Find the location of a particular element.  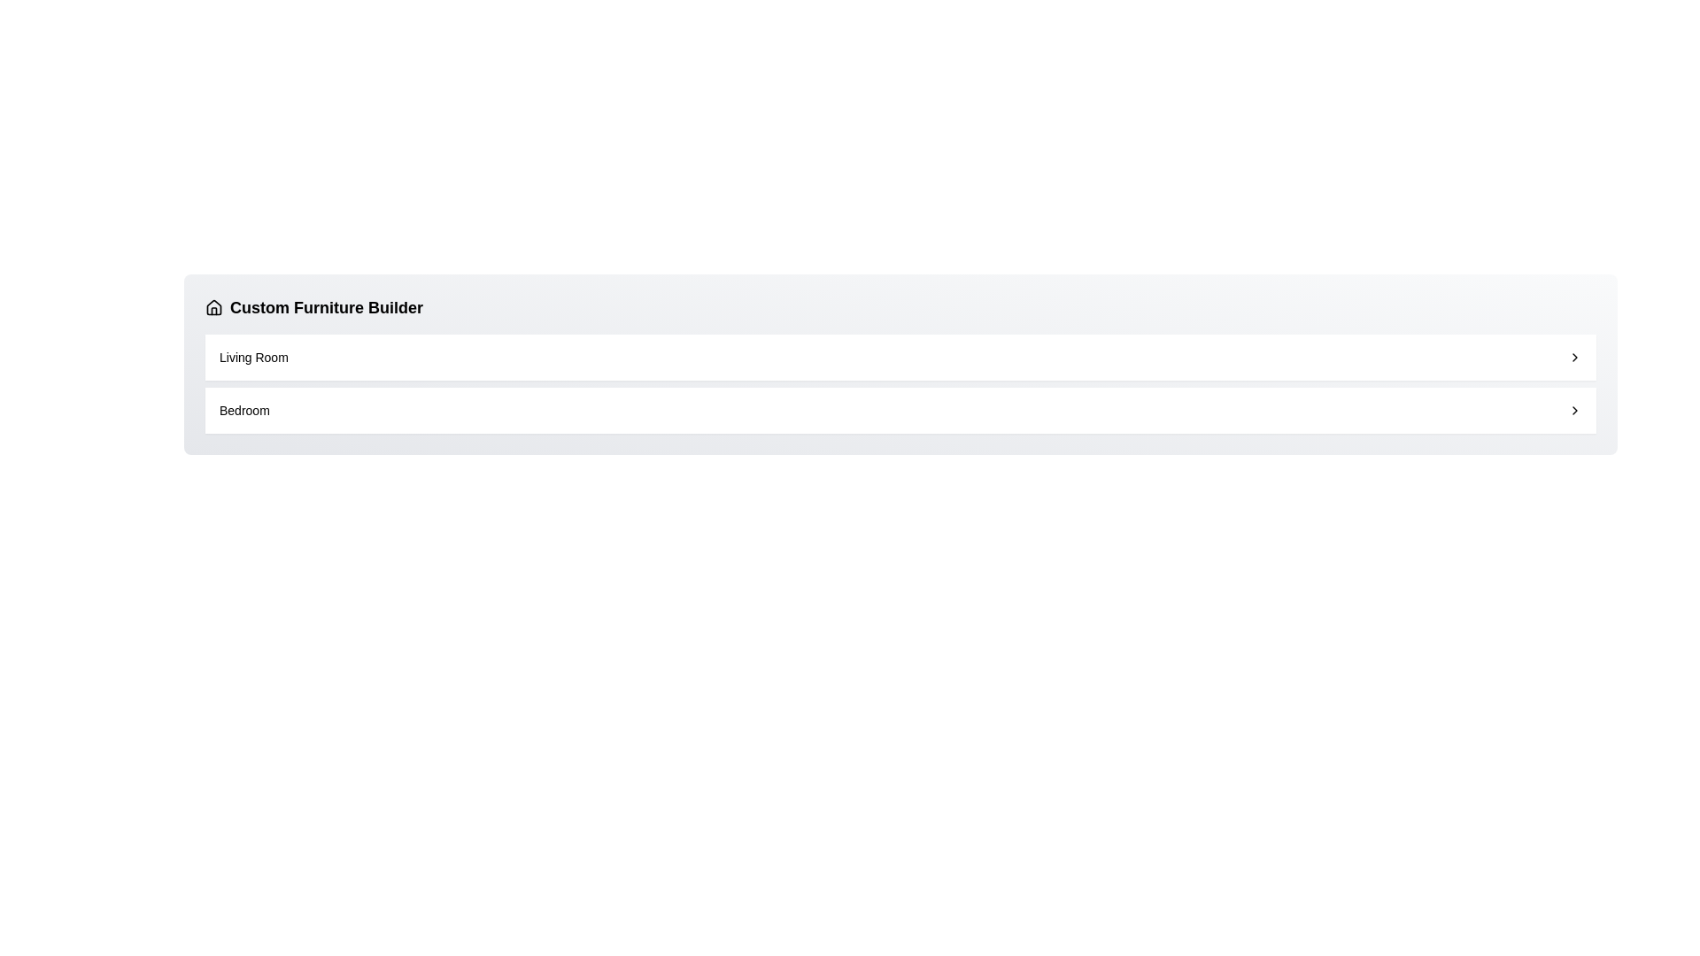

the Chevron icon on the far-right side of the 'Bedroom' row is located at coordinates (1575, 410).